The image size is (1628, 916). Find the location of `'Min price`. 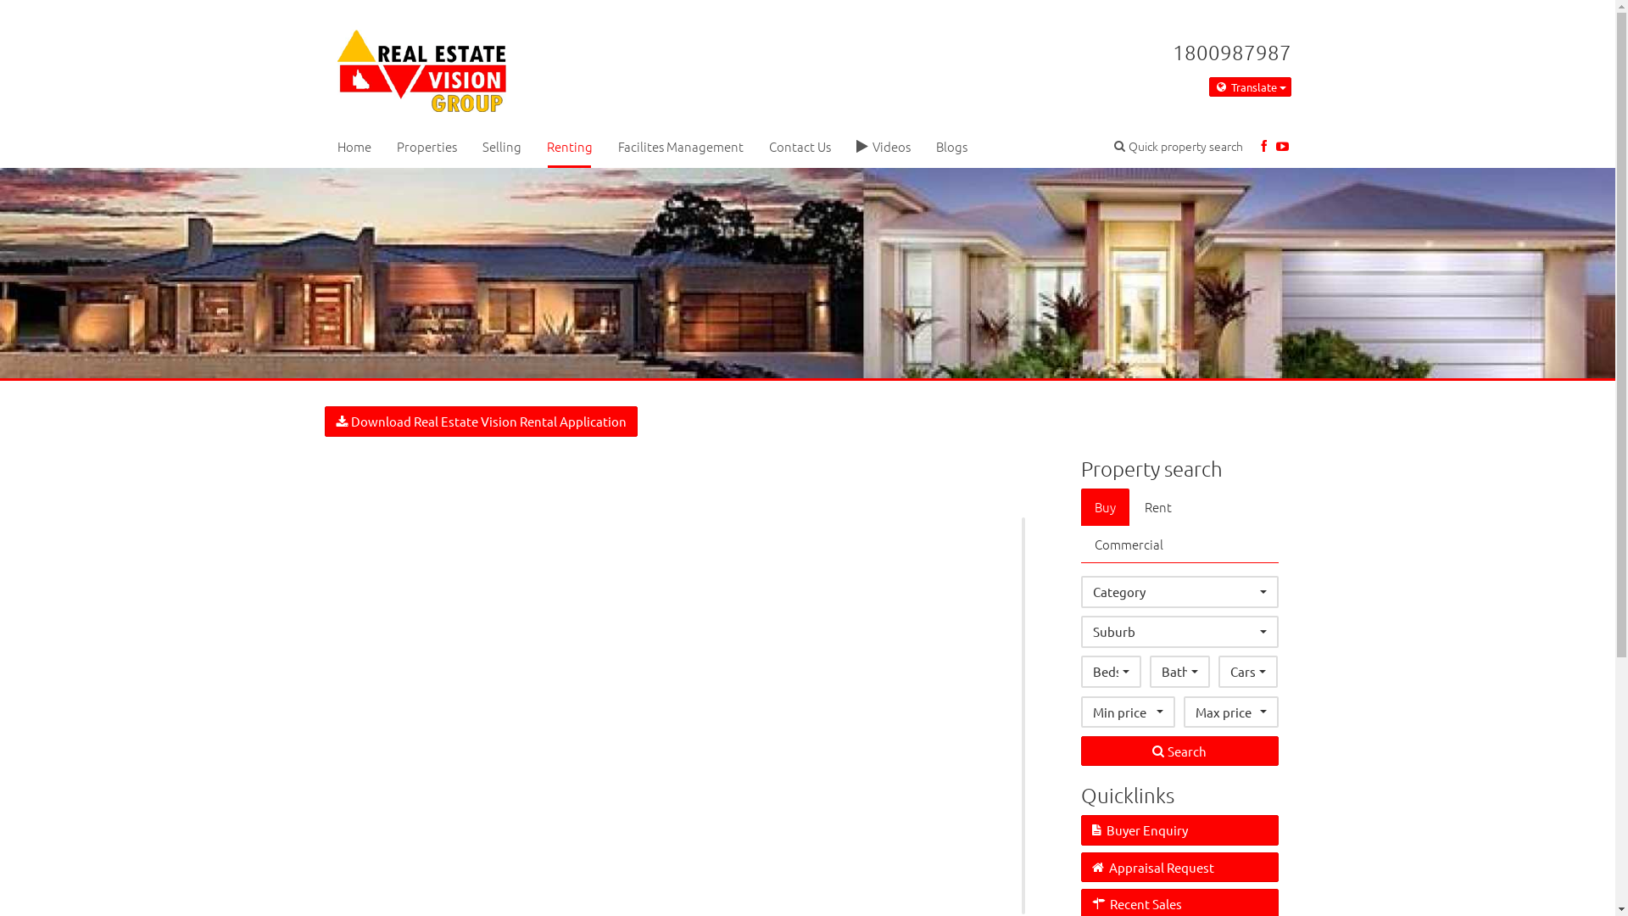

'Min price is located at coordinates (1128, 712).